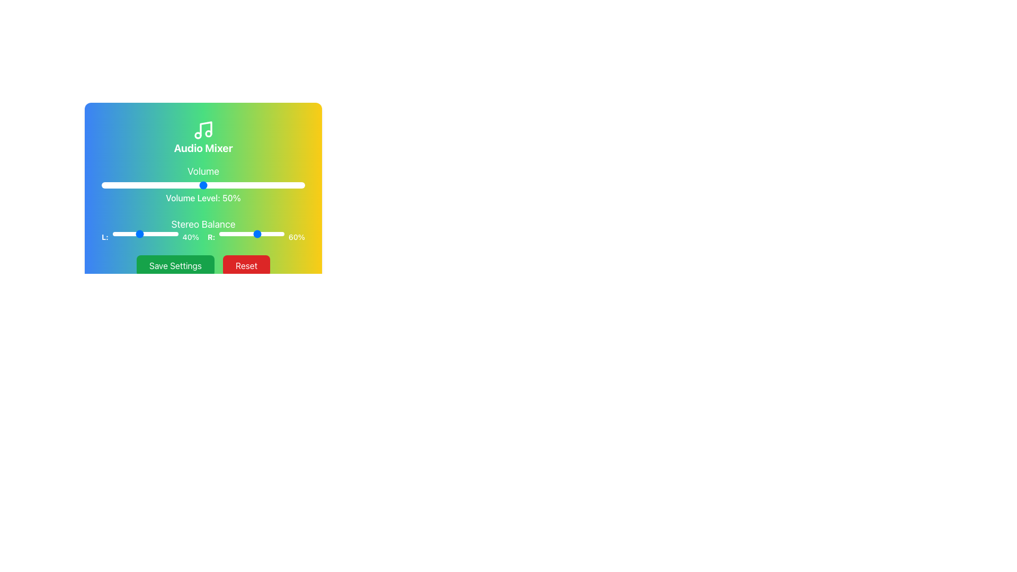 This screenshot has width=1017, height=572. What do you see at coordinates (237, 234) in the screenshot?
I see `the R value` at bounding box center [237, 234].